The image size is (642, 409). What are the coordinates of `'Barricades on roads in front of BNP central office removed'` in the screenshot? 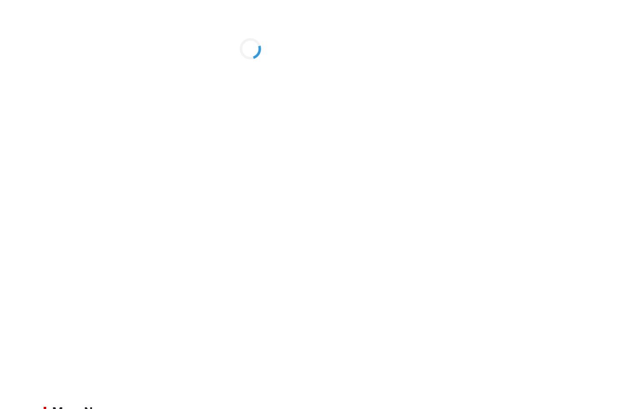 It's located at (542, 85).